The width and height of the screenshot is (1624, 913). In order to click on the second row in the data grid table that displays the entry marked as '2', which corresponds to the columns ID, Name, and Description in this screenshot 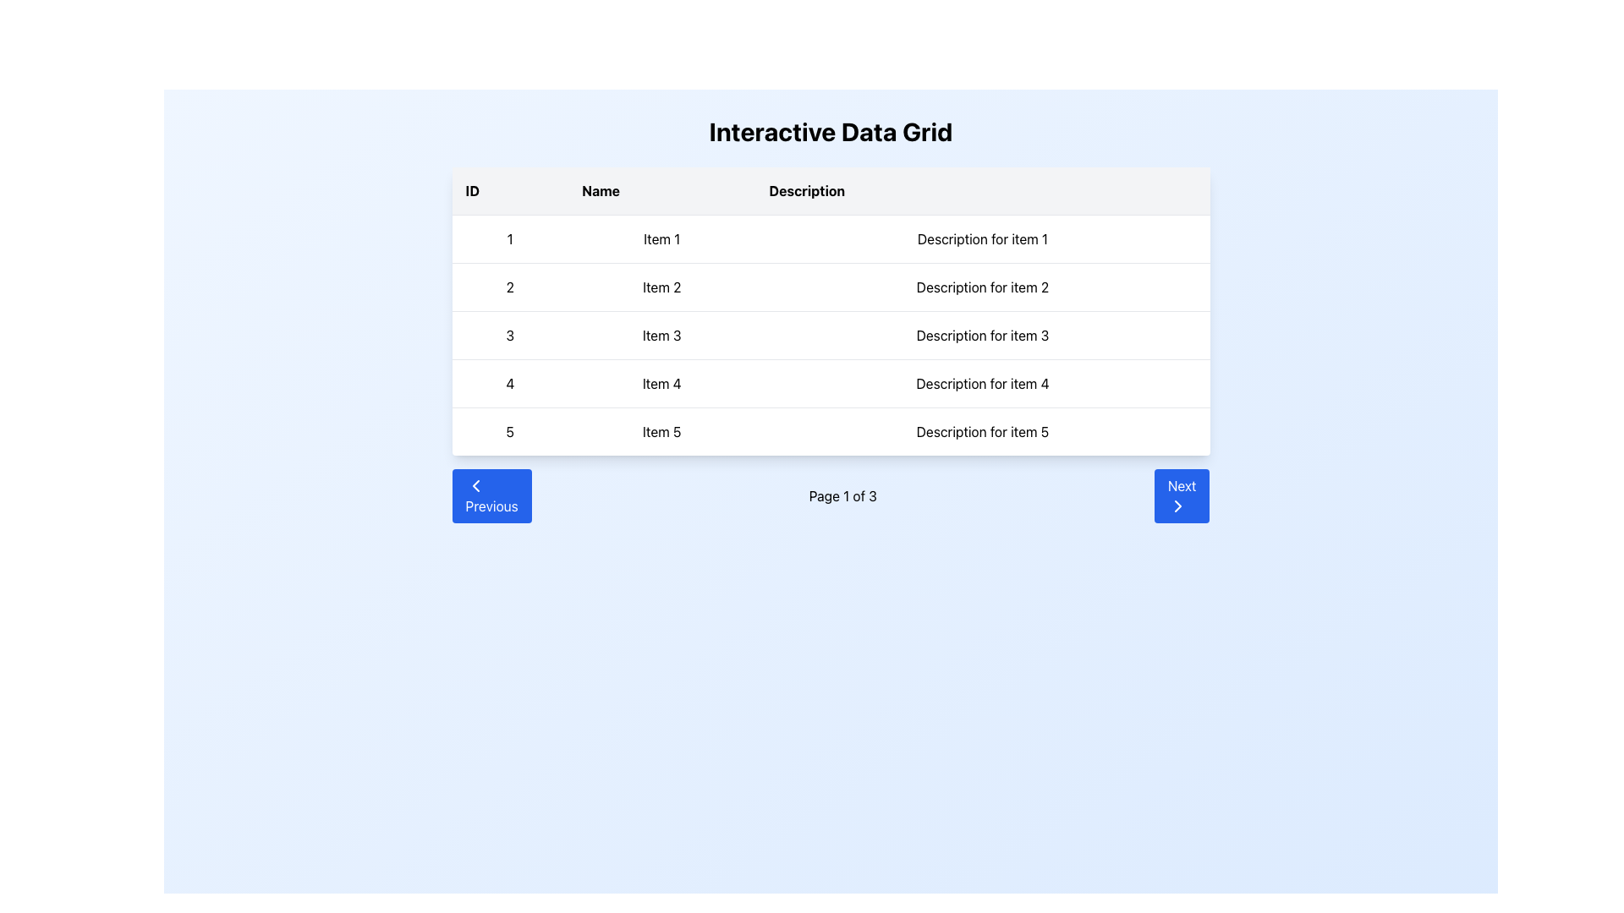, I will do `click(831, 286)`.